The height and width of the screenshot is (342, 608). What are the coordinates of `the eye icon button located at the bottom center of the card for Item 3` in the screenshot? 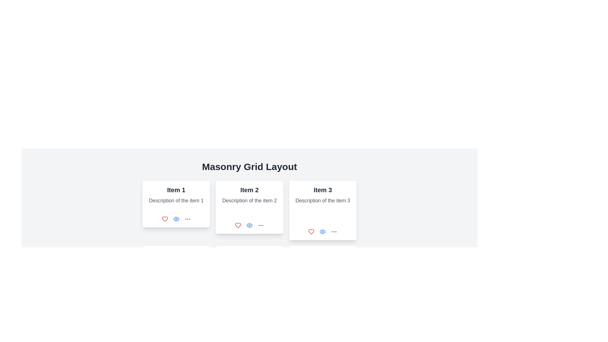 It's located at (323, 232).